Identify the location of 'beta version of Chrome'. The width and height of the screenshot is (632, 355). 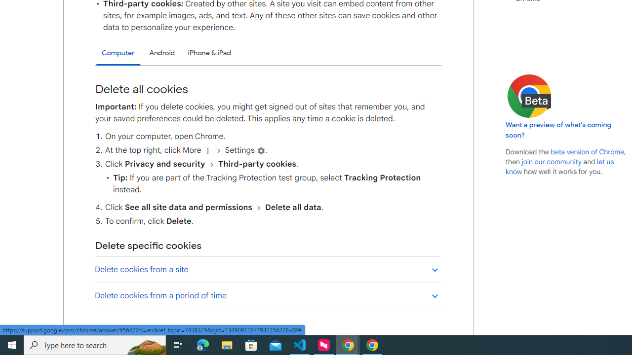
(587, 151).